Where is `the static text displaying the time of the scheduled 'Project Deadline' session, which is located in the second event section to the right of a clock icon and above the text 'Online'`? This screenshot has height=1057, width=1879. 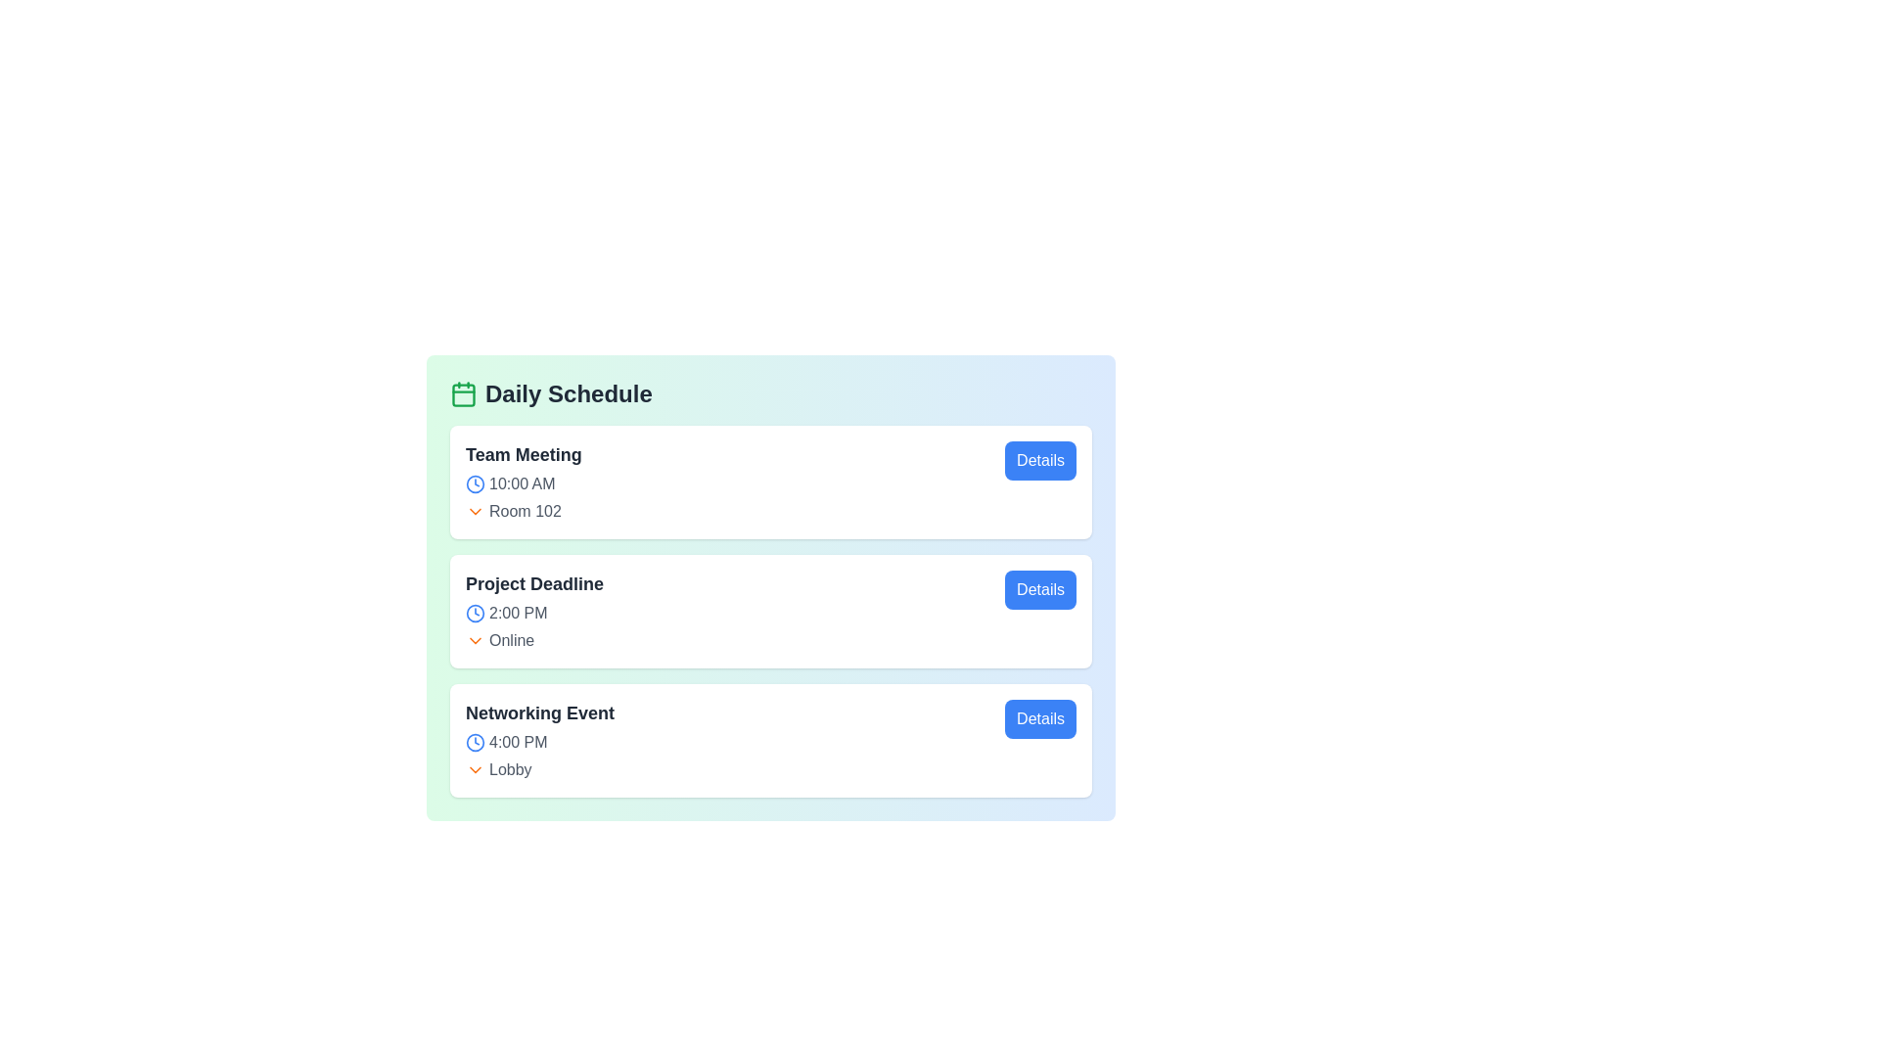 the static text displaying the time of the scheduled 'Project Deadline' session, which is located in the second event section to the right of a clock icon and above the text 'Online' is located at coordinates (518, 613).